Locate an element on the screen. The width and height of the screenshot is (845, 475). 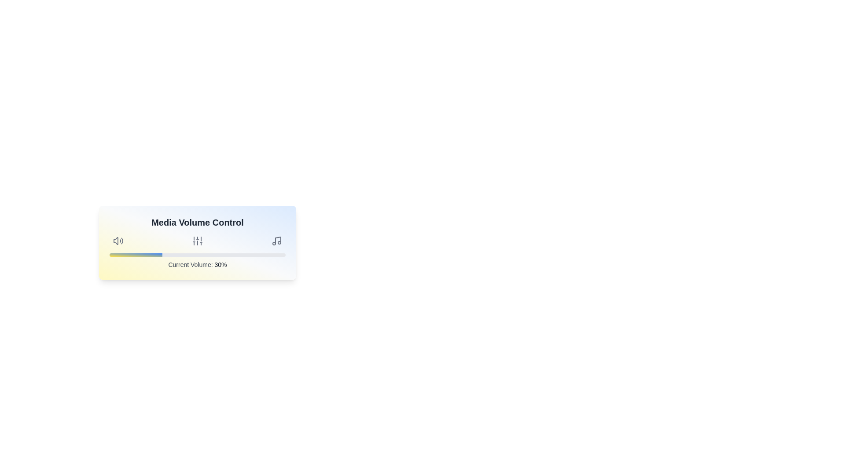
the volume is located at coordinates (197, 255).